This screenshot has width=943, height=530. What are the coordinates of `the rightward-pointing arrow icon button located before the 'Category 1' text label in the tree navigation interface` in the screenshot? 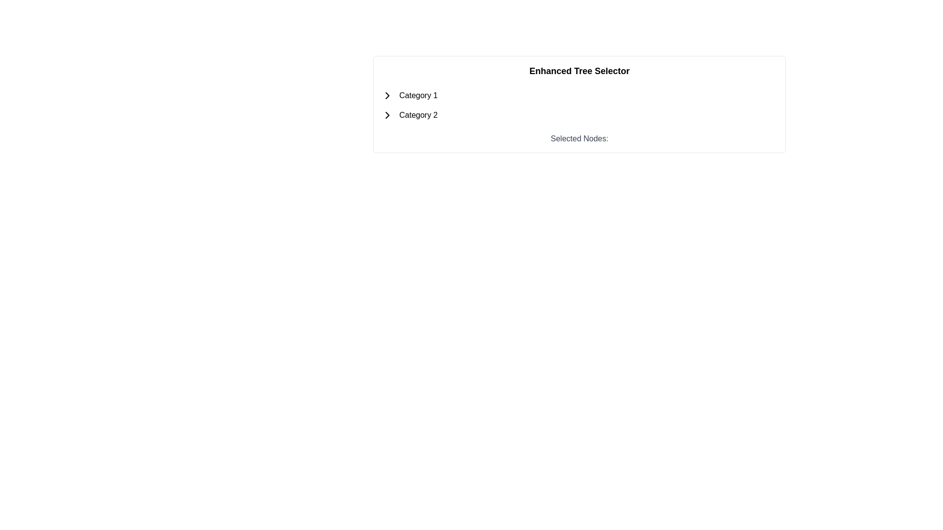 It's located at (387, 96).